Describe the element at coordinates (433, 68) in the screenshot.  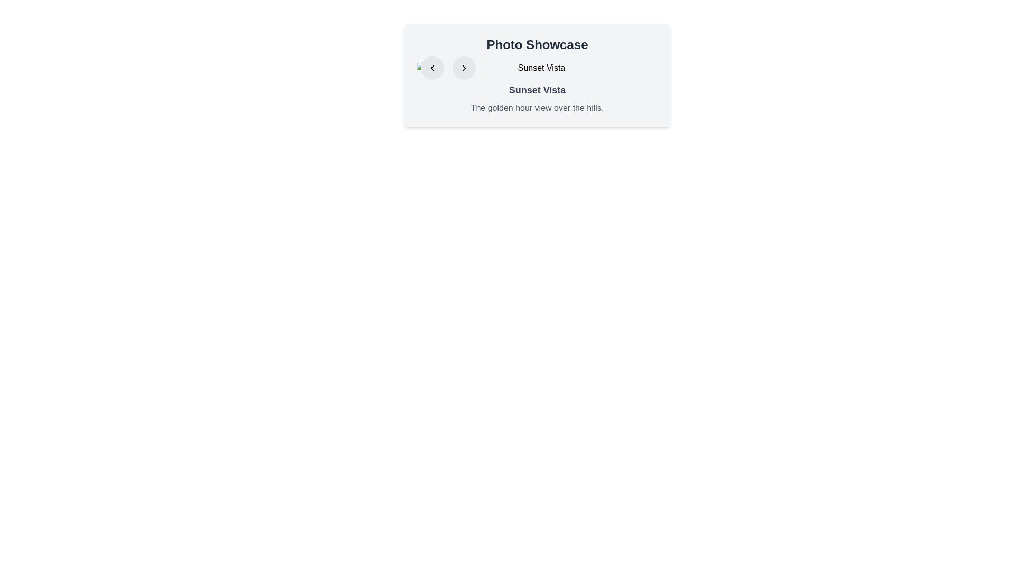
I see `the left navigation button that allows users to go to the previous item in a gallery or paginator to trigger any hover effects` at that location.